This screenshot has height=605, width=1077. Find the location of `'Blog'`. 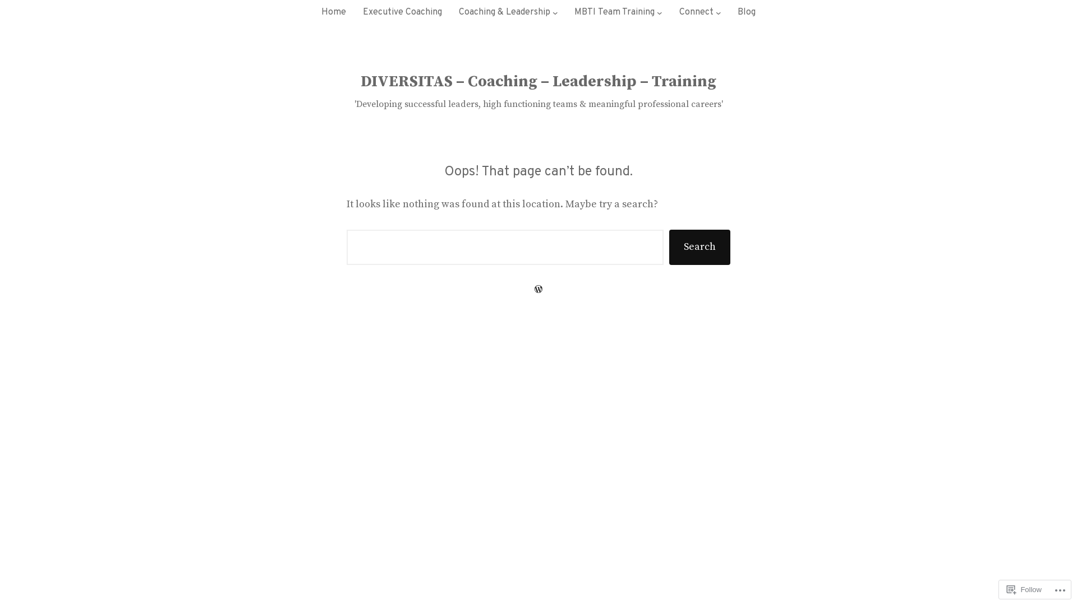

'Blog' is located at coordinates (738, 13).